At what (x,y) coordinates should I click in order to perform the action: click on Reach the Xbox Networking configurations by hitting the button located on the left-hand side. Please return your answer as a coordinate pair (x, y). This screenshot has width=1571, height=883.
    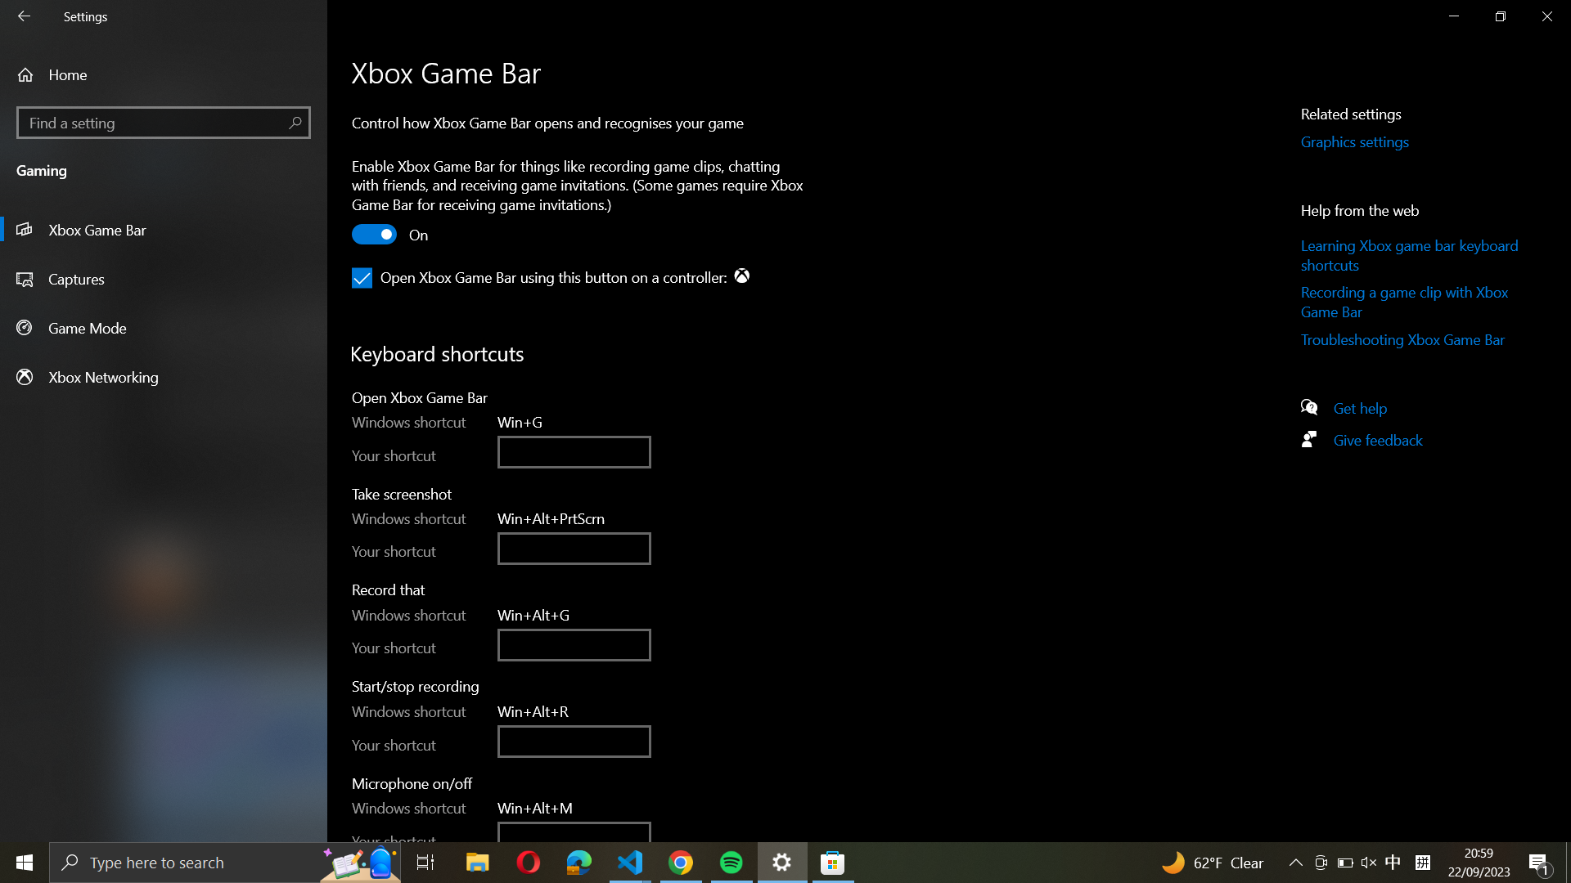
    Looking at the image, I should click on (164, 376).